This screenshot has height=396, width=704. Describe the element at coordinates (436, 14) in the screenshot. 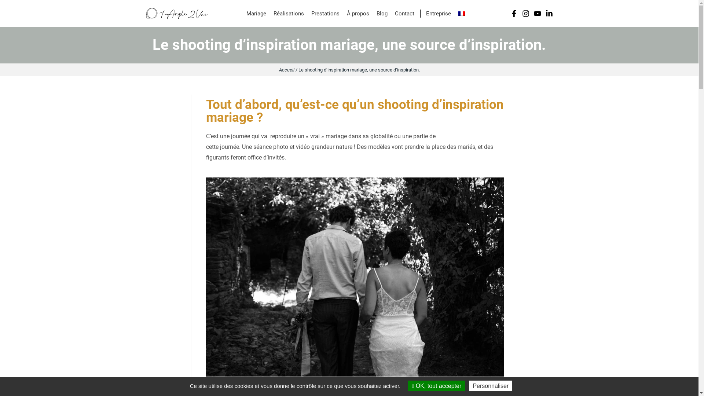

I see `'Entreprise'` at that location.